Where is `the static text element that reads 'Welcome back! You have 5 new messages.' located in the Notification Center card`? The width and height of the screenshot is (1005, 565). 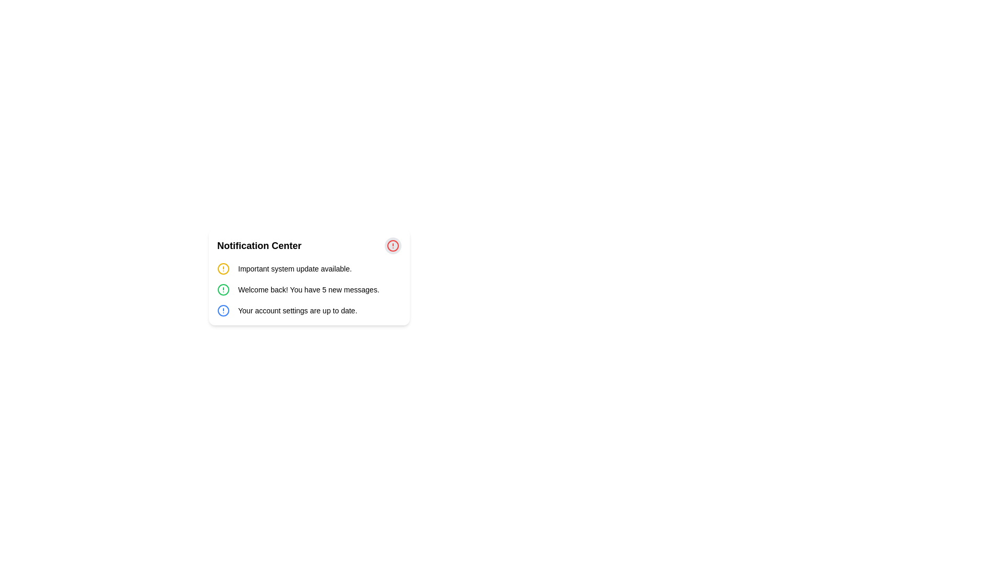 the static text element that reads 'Welcome back! You have 5 new messages.' located in the Notification Center card is located at coordinates (308, 290).